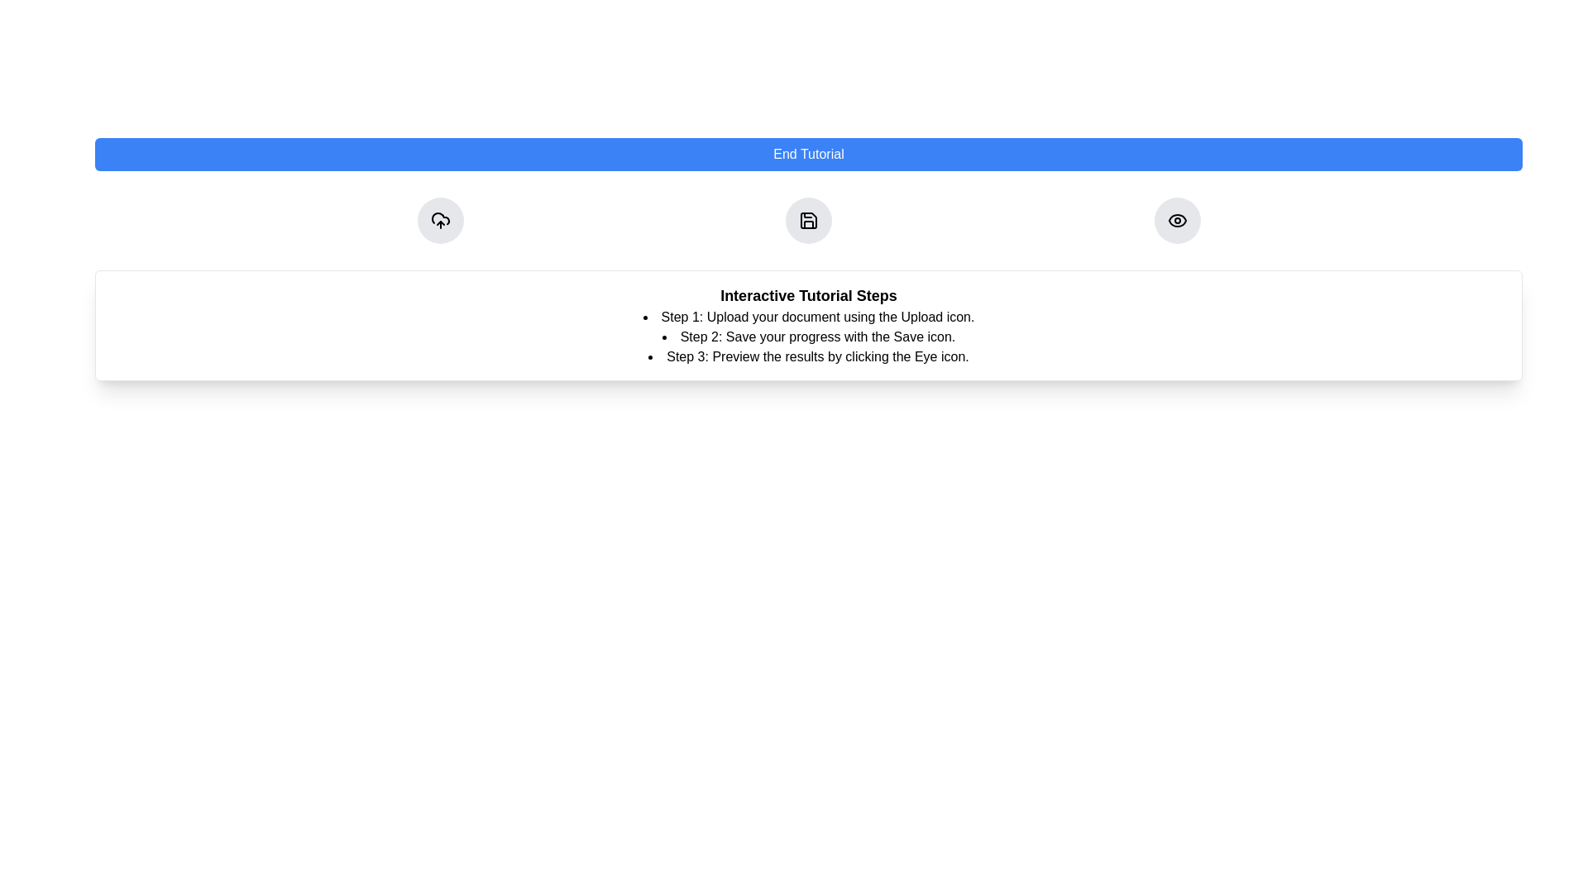 This screenshot has width=1588, height=893. I want to click on instruction text element that provides guidance on saving progress in the tutorial, located in the bulleted list under 'Interactive Tutorial Steps.', so click(809, 337).